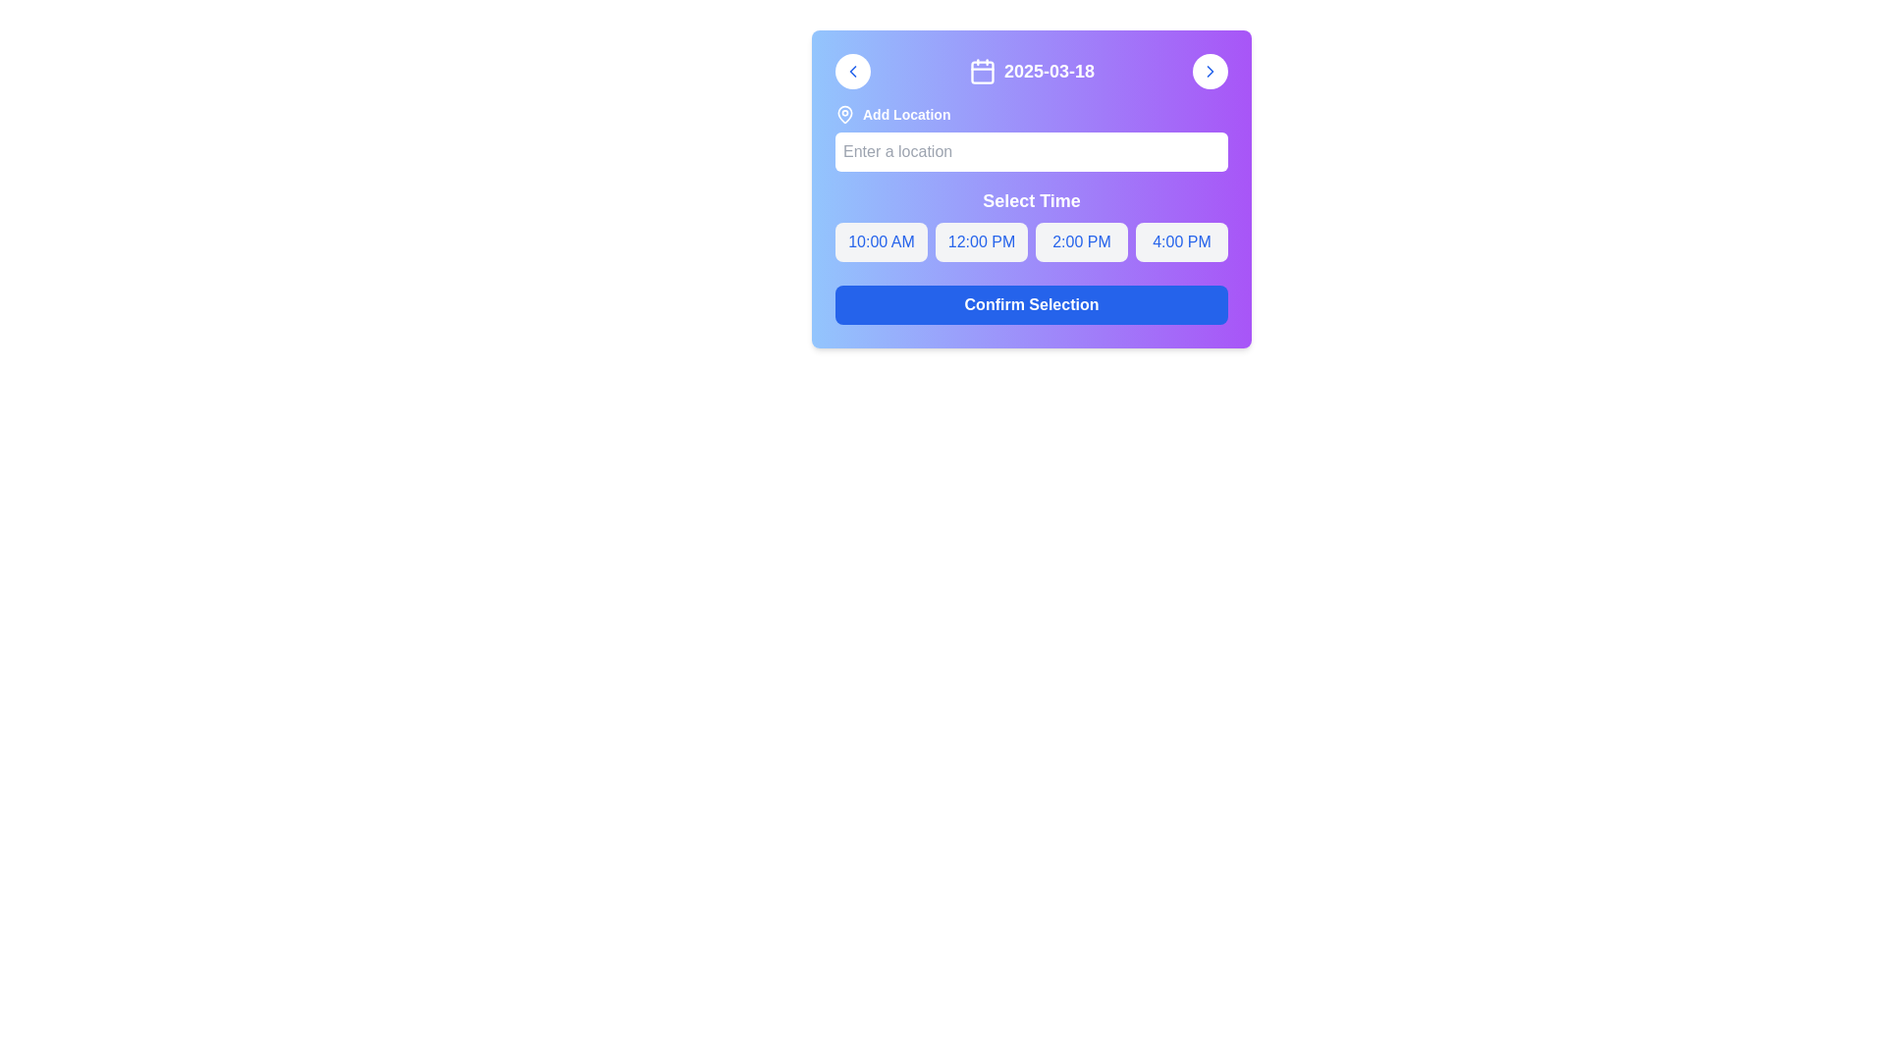 Image resolution: width=1885 pixels, height=1060 pixels. What do you see at coordinates (844, 113) in the screenshot?
I see `the Decorative icon located to the left side of the header section next to the 'Add Location' text` at bounding box center [844, 113].